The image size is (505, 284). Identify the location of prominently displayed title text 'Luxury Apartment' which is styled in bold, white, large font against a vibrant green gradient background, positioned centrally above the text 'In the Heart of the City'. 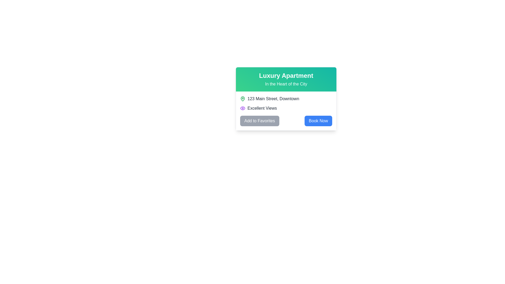
(286, 76).